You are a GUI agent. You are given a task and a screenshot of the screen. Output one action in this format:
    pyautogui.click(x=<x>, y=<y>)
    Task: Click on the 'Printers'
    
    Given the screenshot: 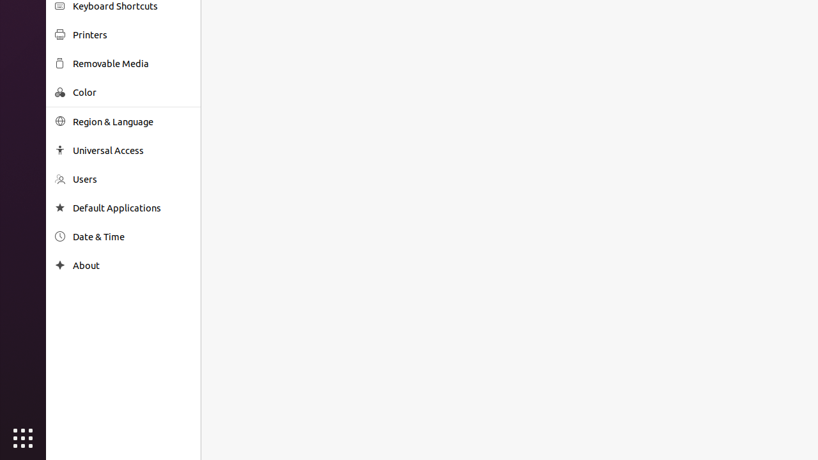 What is the action you would take?
    pyautogui.click(x=132, y=34)
    